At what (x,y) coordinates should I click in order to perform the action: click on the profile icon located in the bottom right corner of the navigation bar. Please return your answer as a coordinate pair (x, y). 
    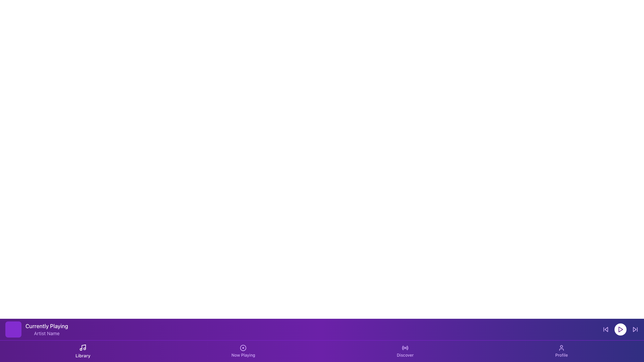
    Looking at the image, I should click on (561, 347).